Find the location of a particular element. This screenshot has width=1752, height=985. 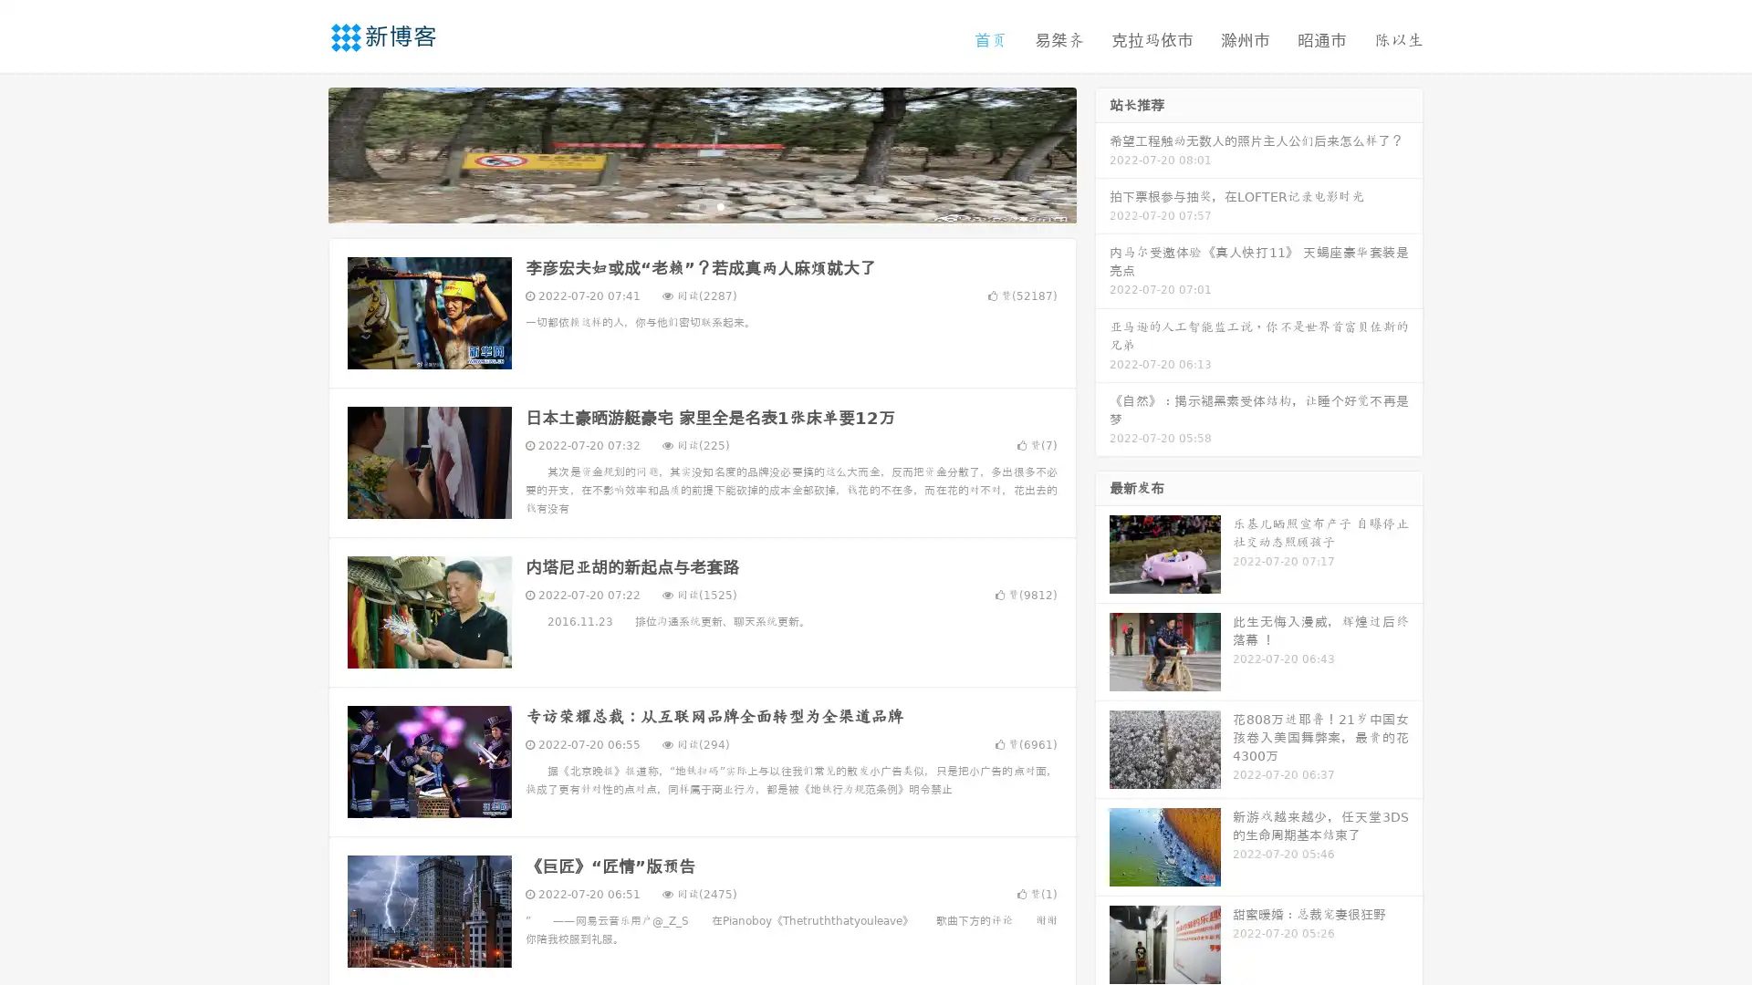

Go to slide 2 is located at coordinates (701, 205).